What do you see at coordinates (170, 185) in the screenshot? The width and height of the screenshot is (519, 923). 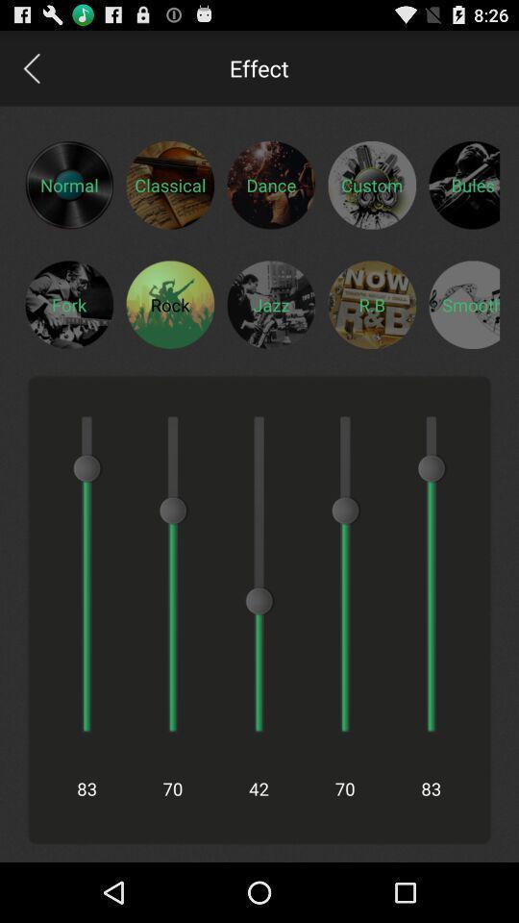 I see `classical` at bounding box center [170, 185].